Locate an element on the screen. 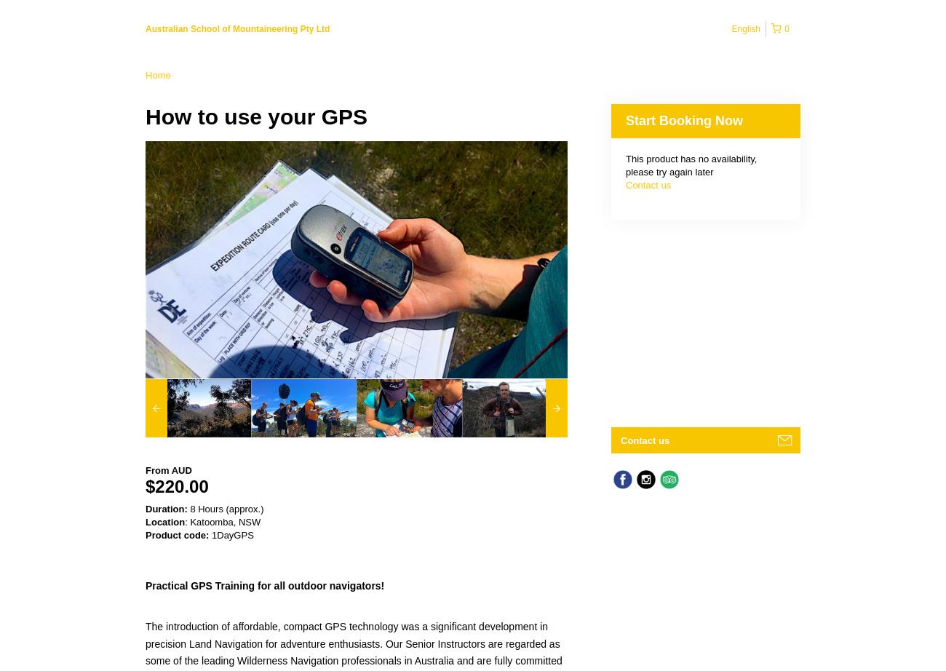 This screenshot has width=946, height=671. 'Home' is located at coordinates (157, 75).